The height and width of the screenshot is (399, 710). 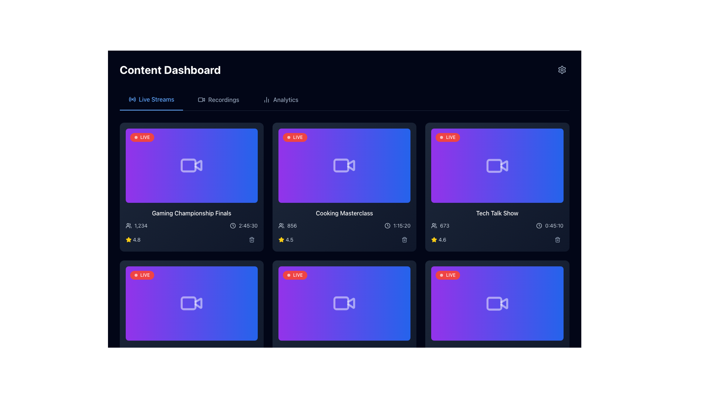 I want to click on the live-streaming status indicator label located at the top-left corner of the first video card in the grid, which features a purple and blue gradient, so click(x=142, y=137).